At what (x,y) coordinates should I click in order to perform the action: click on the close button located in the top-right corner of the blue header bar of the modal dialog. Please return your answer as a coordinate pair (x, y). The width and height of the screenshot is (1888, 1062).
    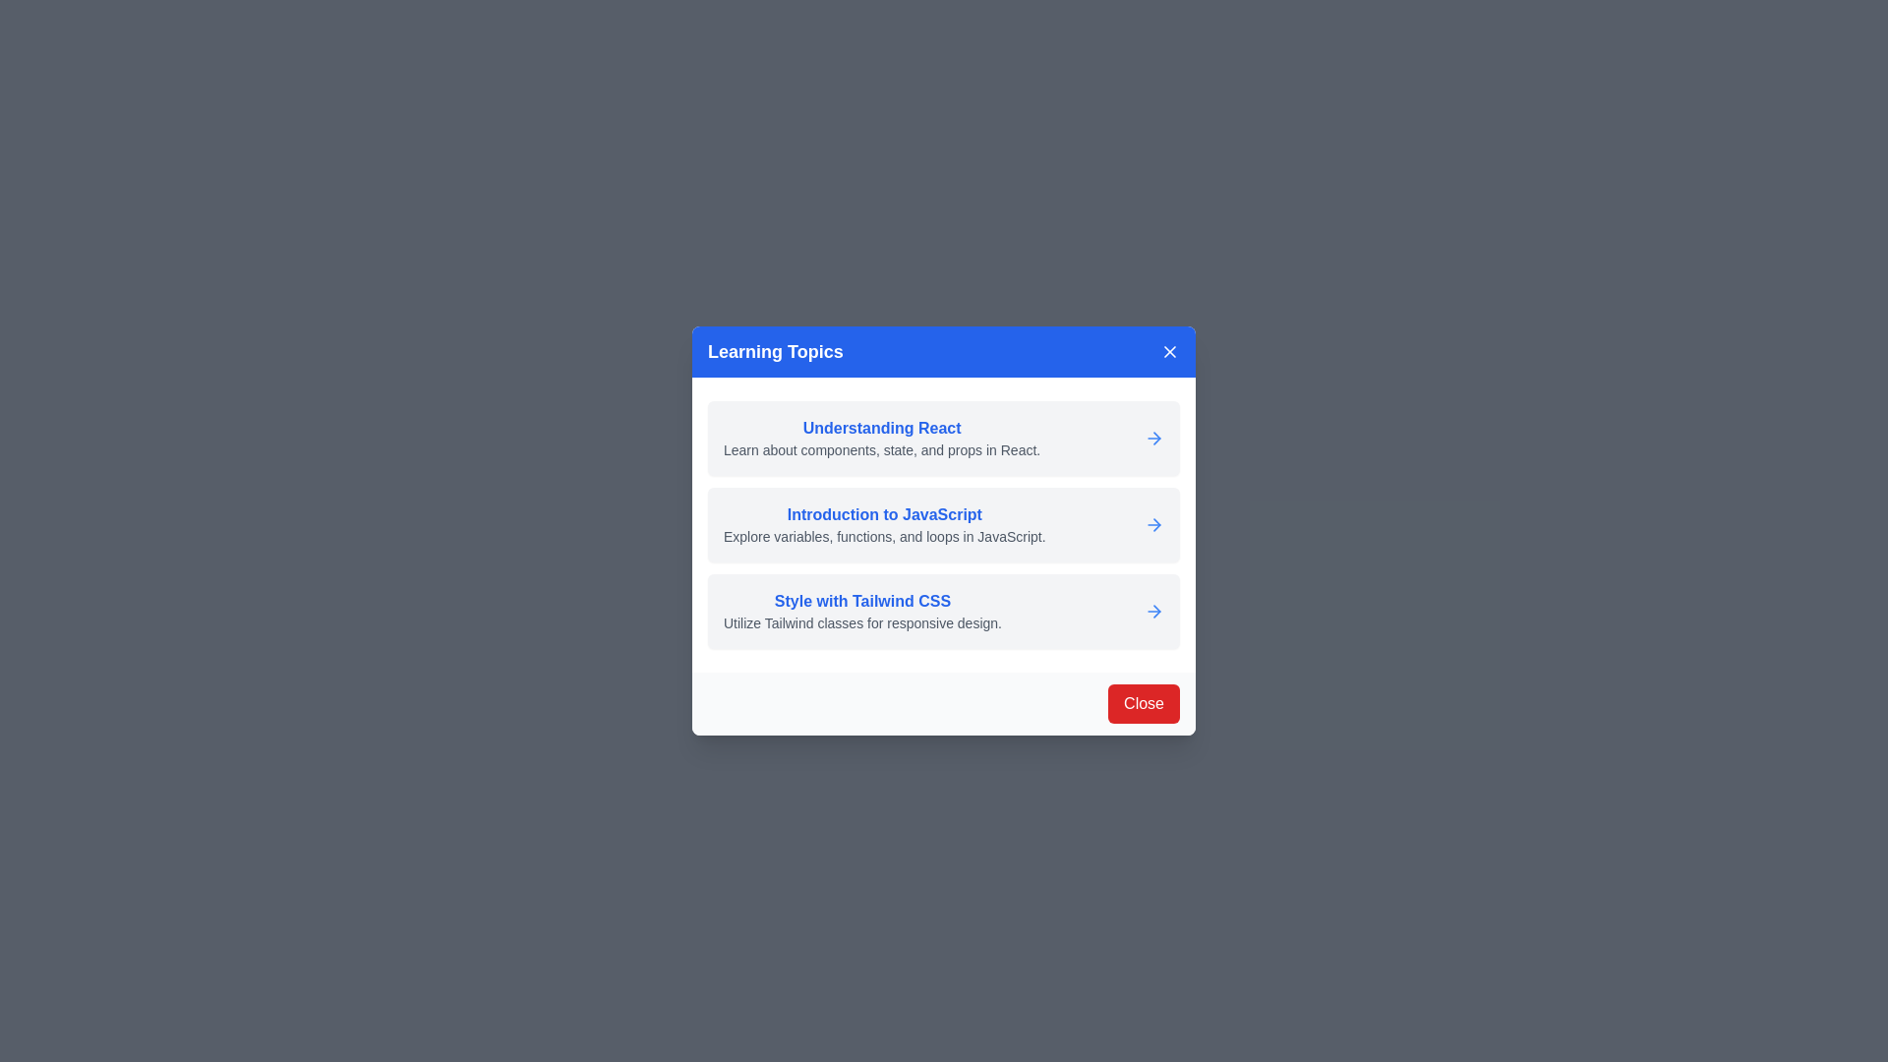
    Looking at the image, I should click on (1170, 351).